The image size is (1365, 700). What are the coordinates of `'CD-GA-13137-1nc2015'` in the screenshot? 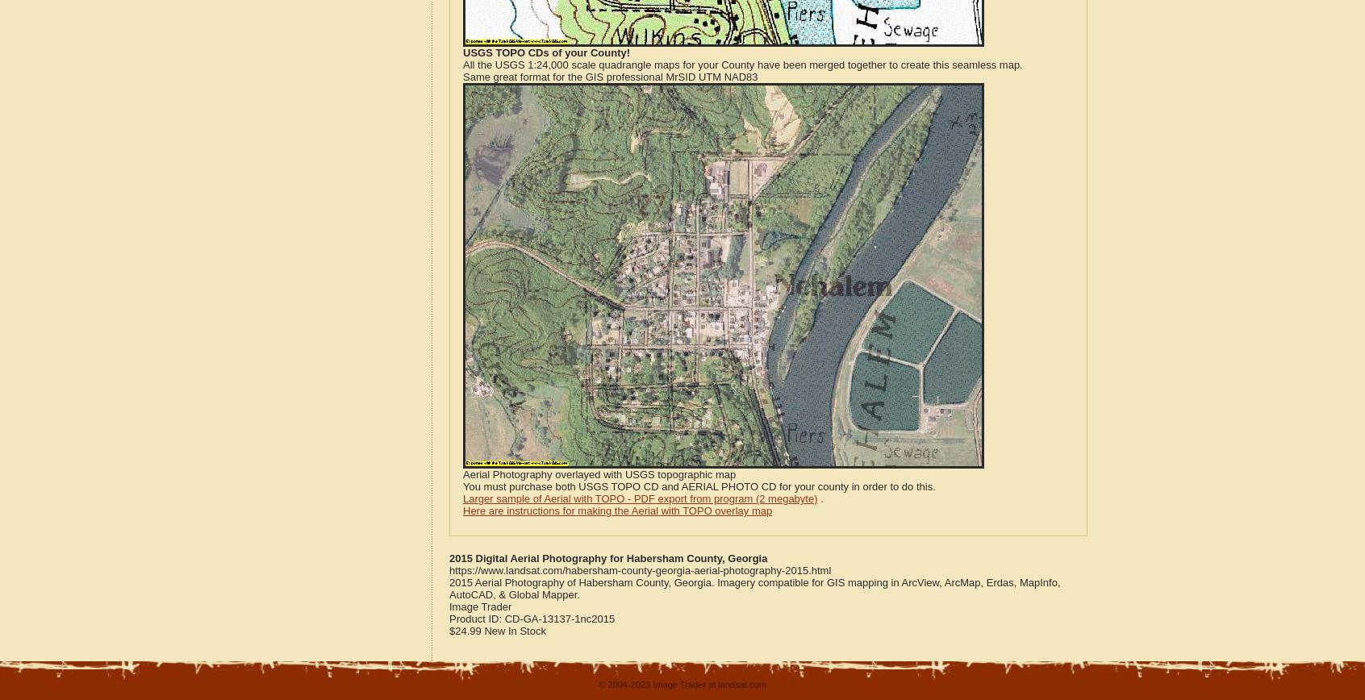 It's located at (559, 619).